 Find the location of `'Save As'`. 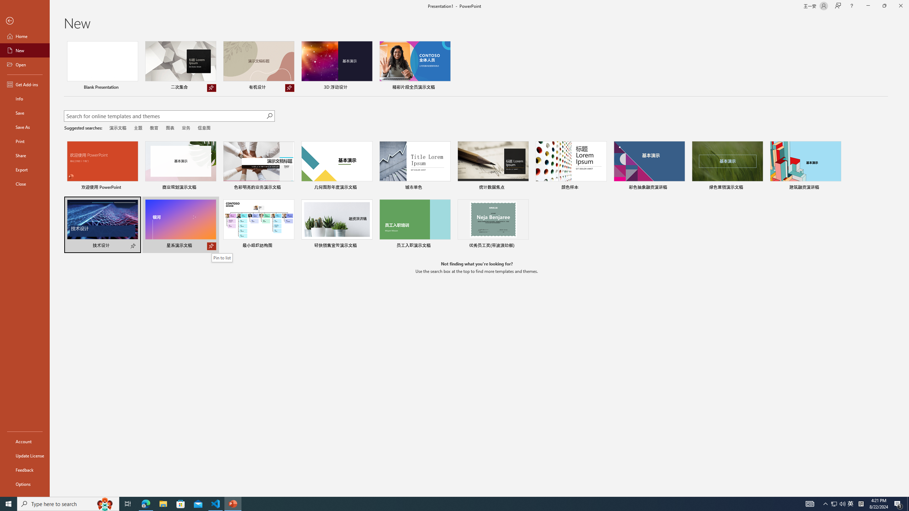

'Save As' is located at coordinates (25, 126).